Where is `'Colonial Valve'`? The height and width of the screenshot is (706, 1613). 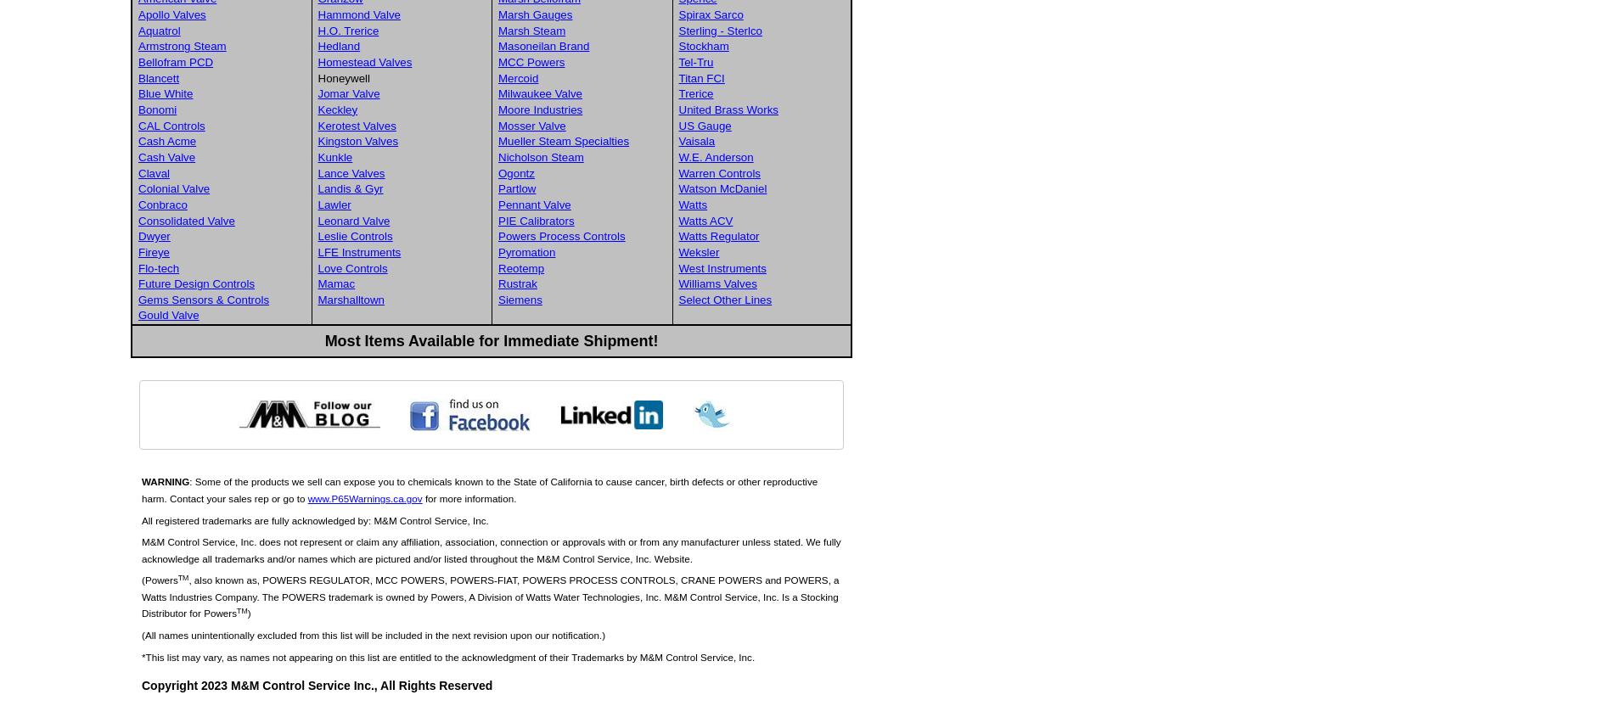
'Colonial Valve' is located at coordinates (174, 188).